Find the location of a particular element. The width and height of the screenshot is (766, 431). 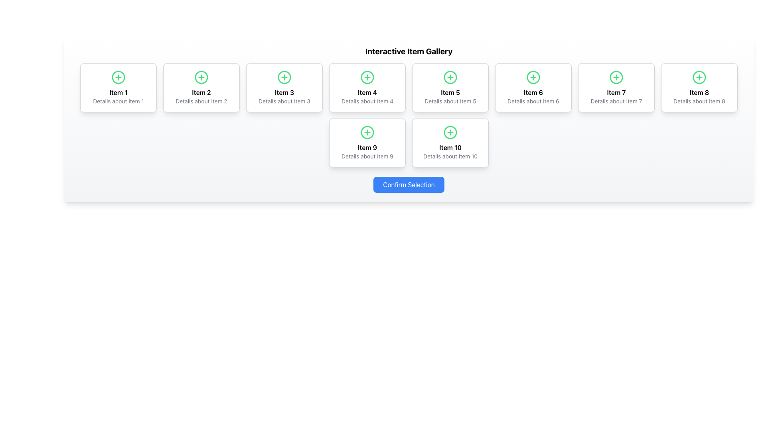

the circular icon button containing a green plus symbol located above the text labeled 'Item 6' is located at coordinates (533, 77).